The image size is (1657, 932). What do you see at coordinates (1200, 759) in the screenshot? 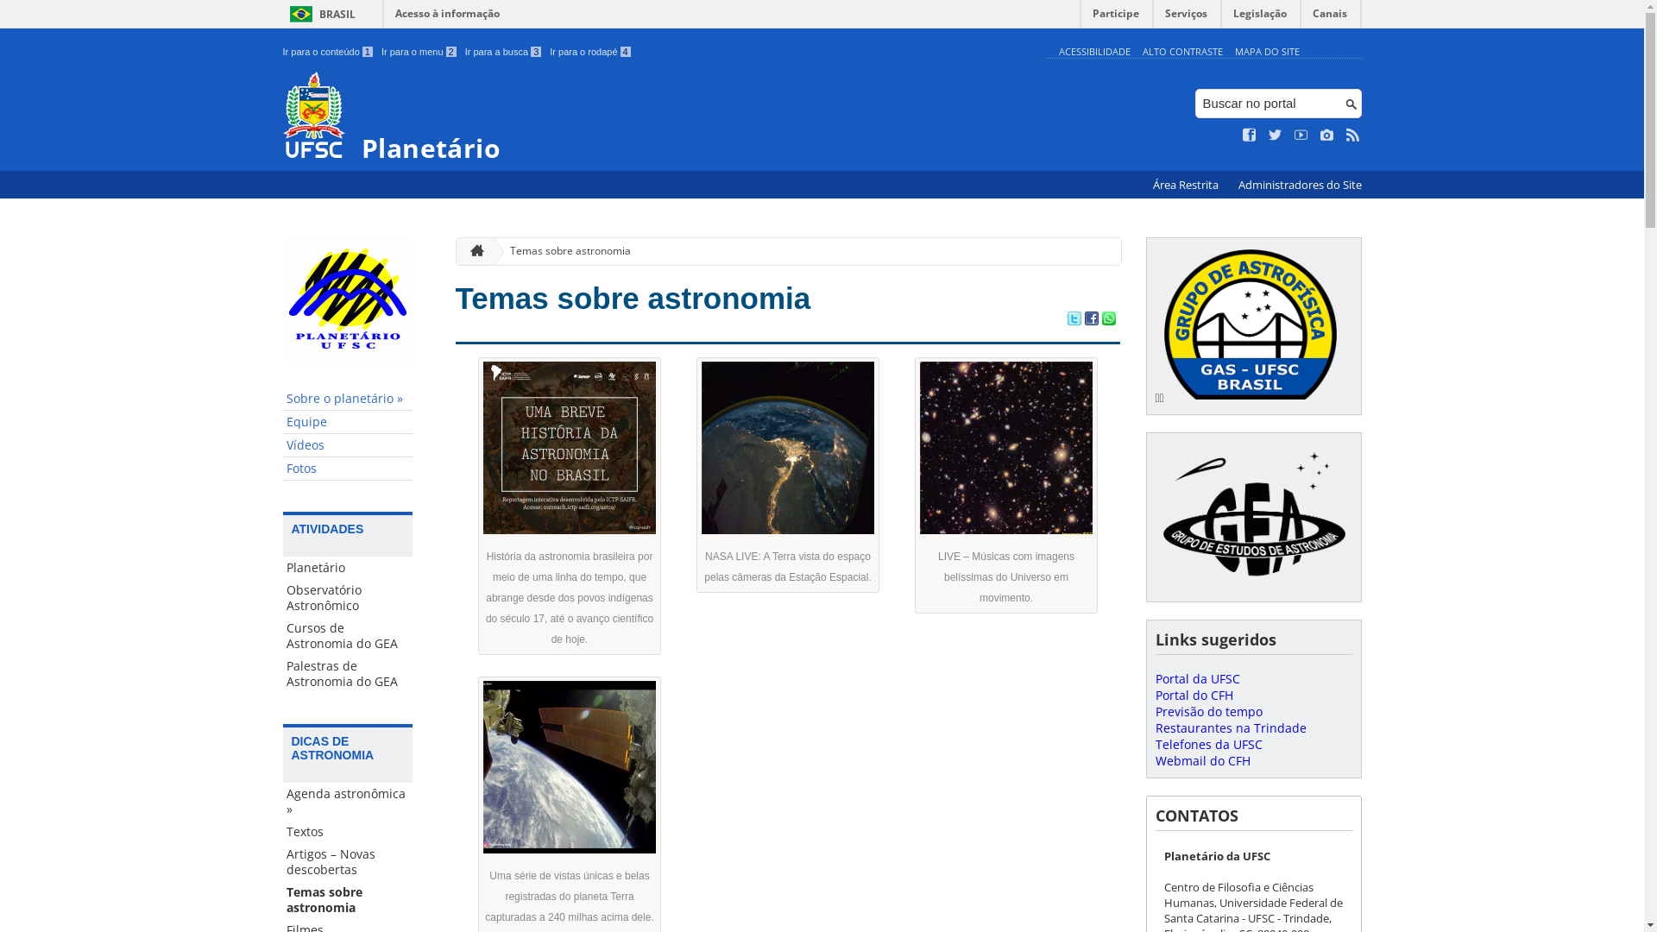
I see `'Webmail do CFH'` at bounding box center [1200, 759].